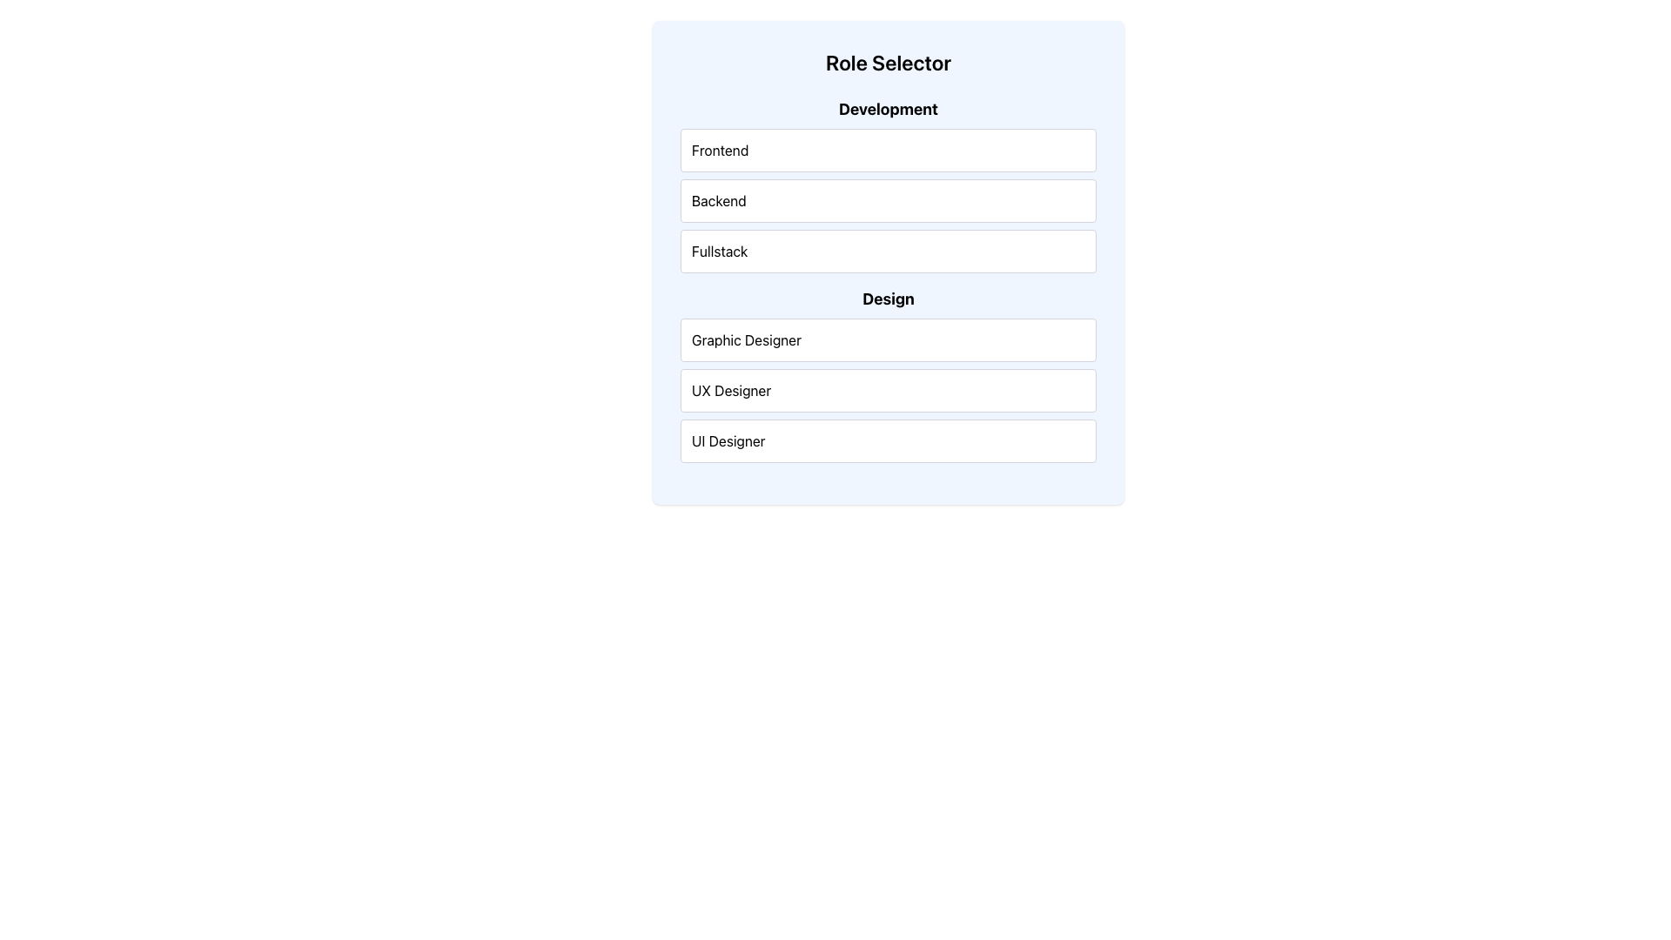 The image size is (1671, 940). What do you see at coordinates (746, 339) in the screenshot?
I see `the 'Graphic Designer' text label in the fourth interactive box under the 'Design' category of the 'Role Selector' interface` at bounding box center [746, 339].